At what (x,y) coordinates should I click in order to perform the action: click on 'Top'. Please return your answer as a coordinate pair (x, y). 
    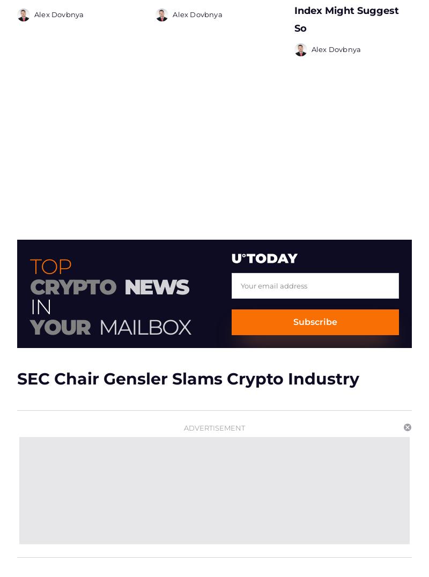
    Looking at the image, I should click on (50, 262).